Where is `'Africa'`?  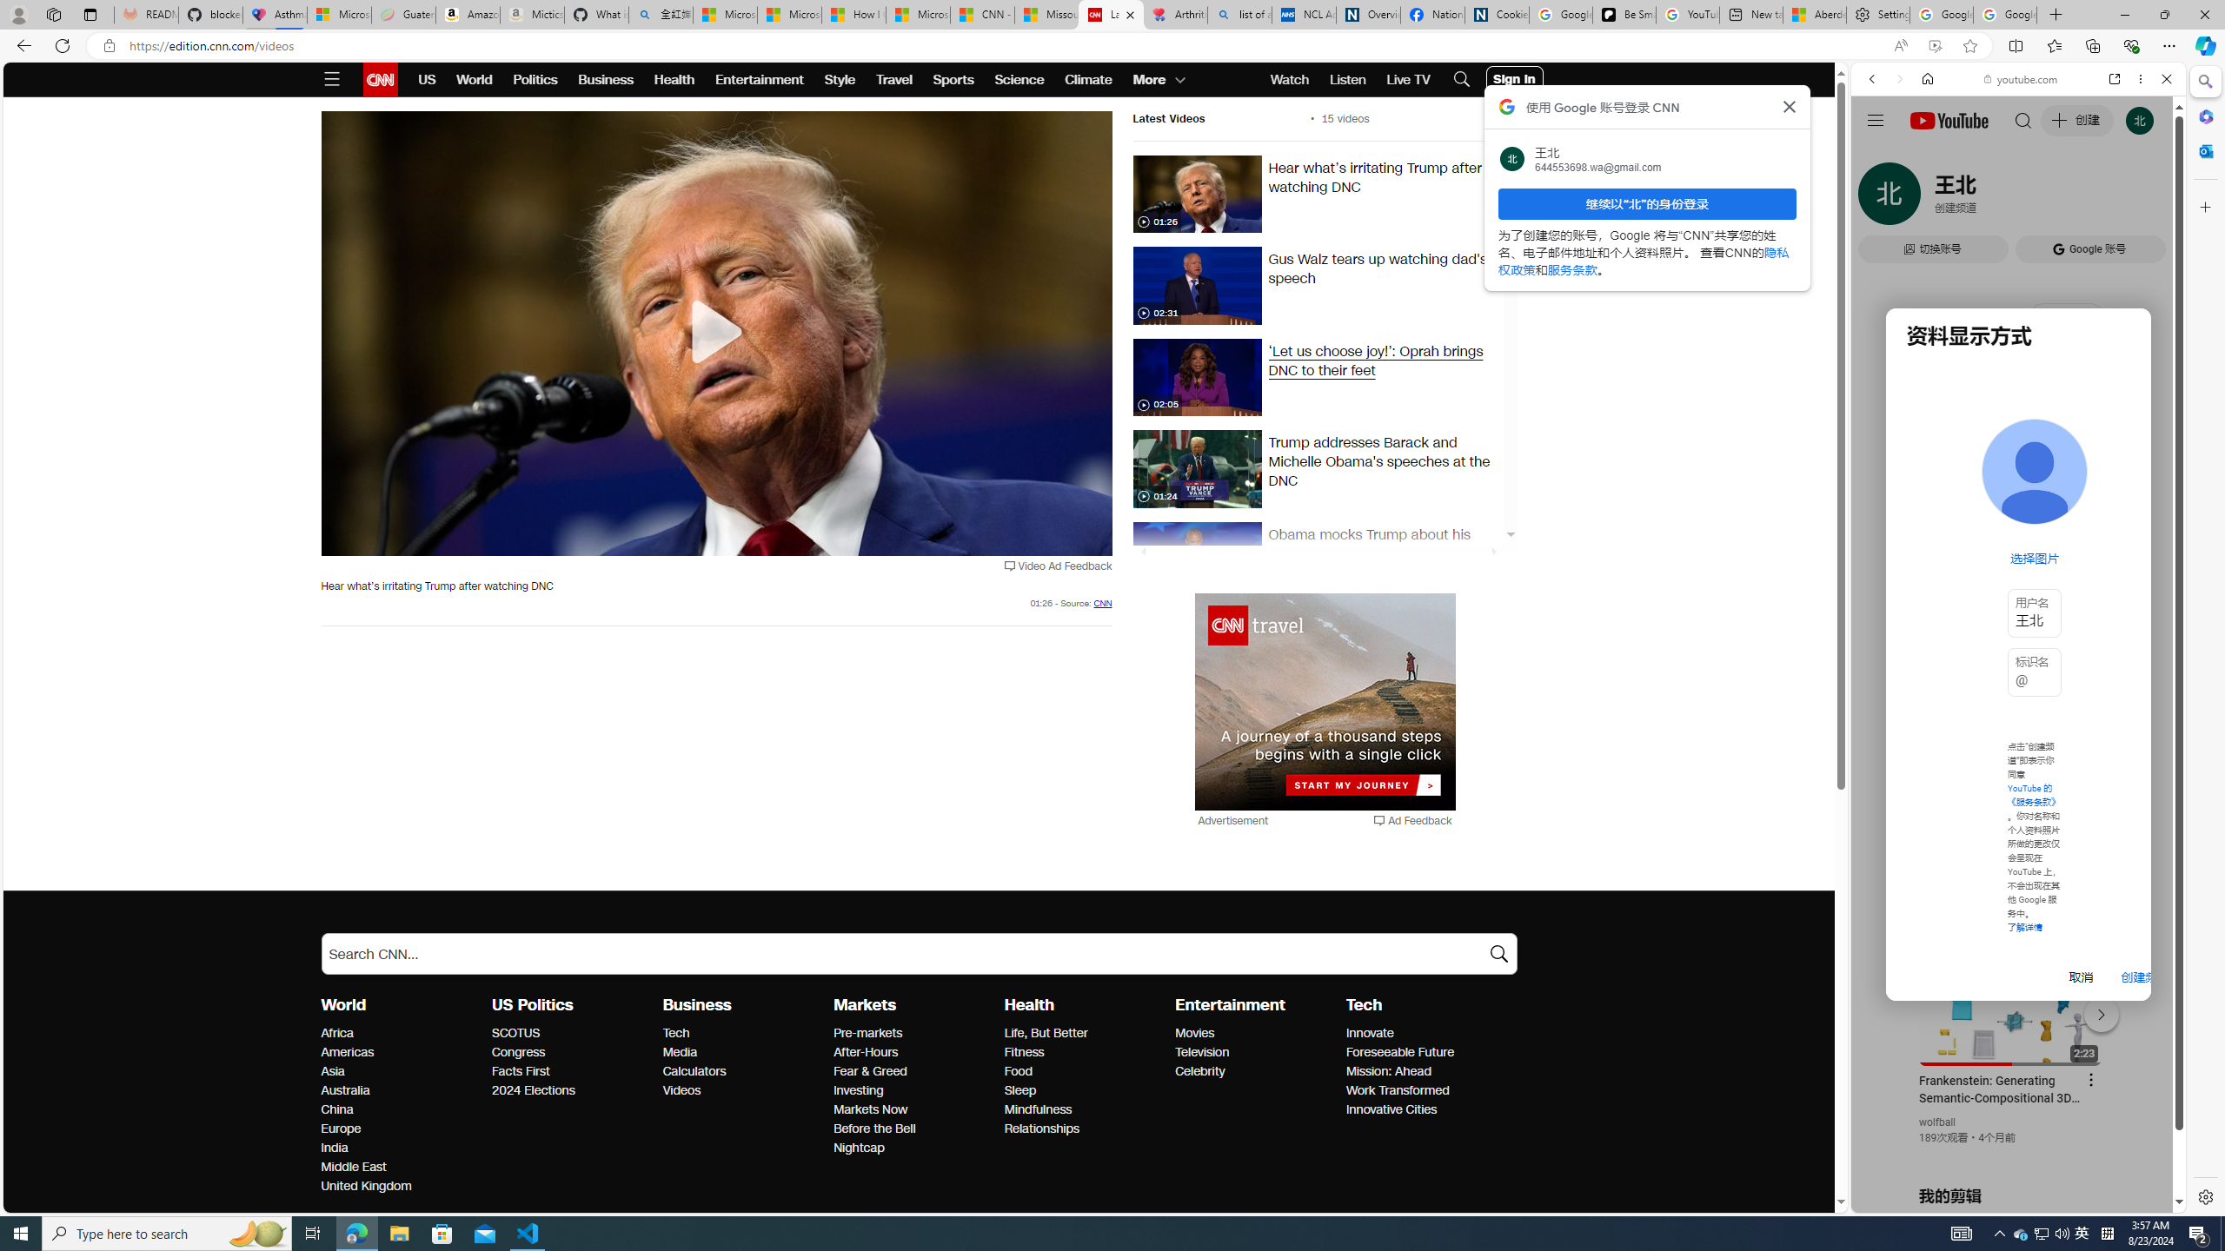 'Africa' is located at coordinates (401, 1034).